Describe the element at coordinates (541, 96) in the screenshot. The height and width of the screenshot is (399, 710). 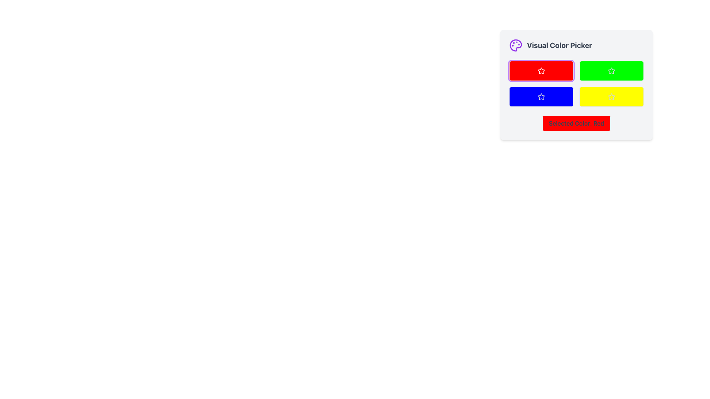
I see `the blue button-like interactive element with a star icon in the center, located in the second row, first column of the color picker grid for keyboard interaction` at that location.